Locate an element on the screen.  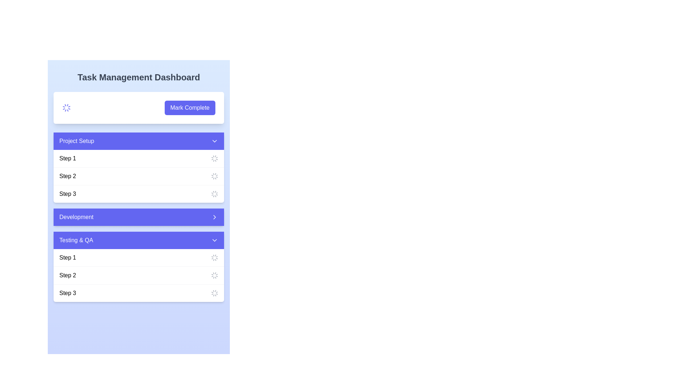
the third step label in the 'Project Setup' process, which is positioned at the bottom of the vertical list of steps and aligned to the left is located at coordinates (68, 194).